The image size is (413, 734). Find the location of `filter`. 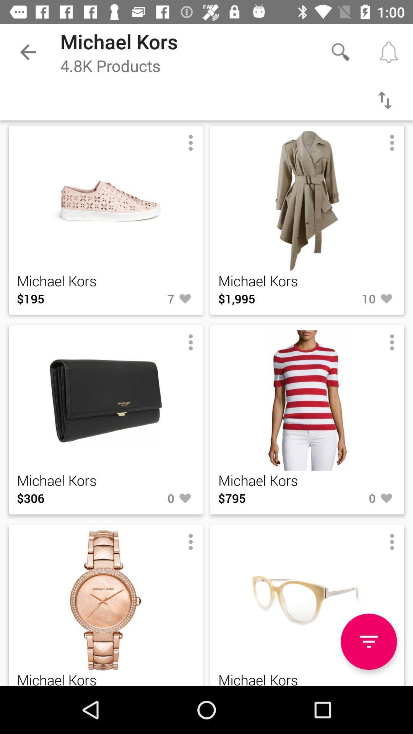

filter is located at coordinates (385, 100).